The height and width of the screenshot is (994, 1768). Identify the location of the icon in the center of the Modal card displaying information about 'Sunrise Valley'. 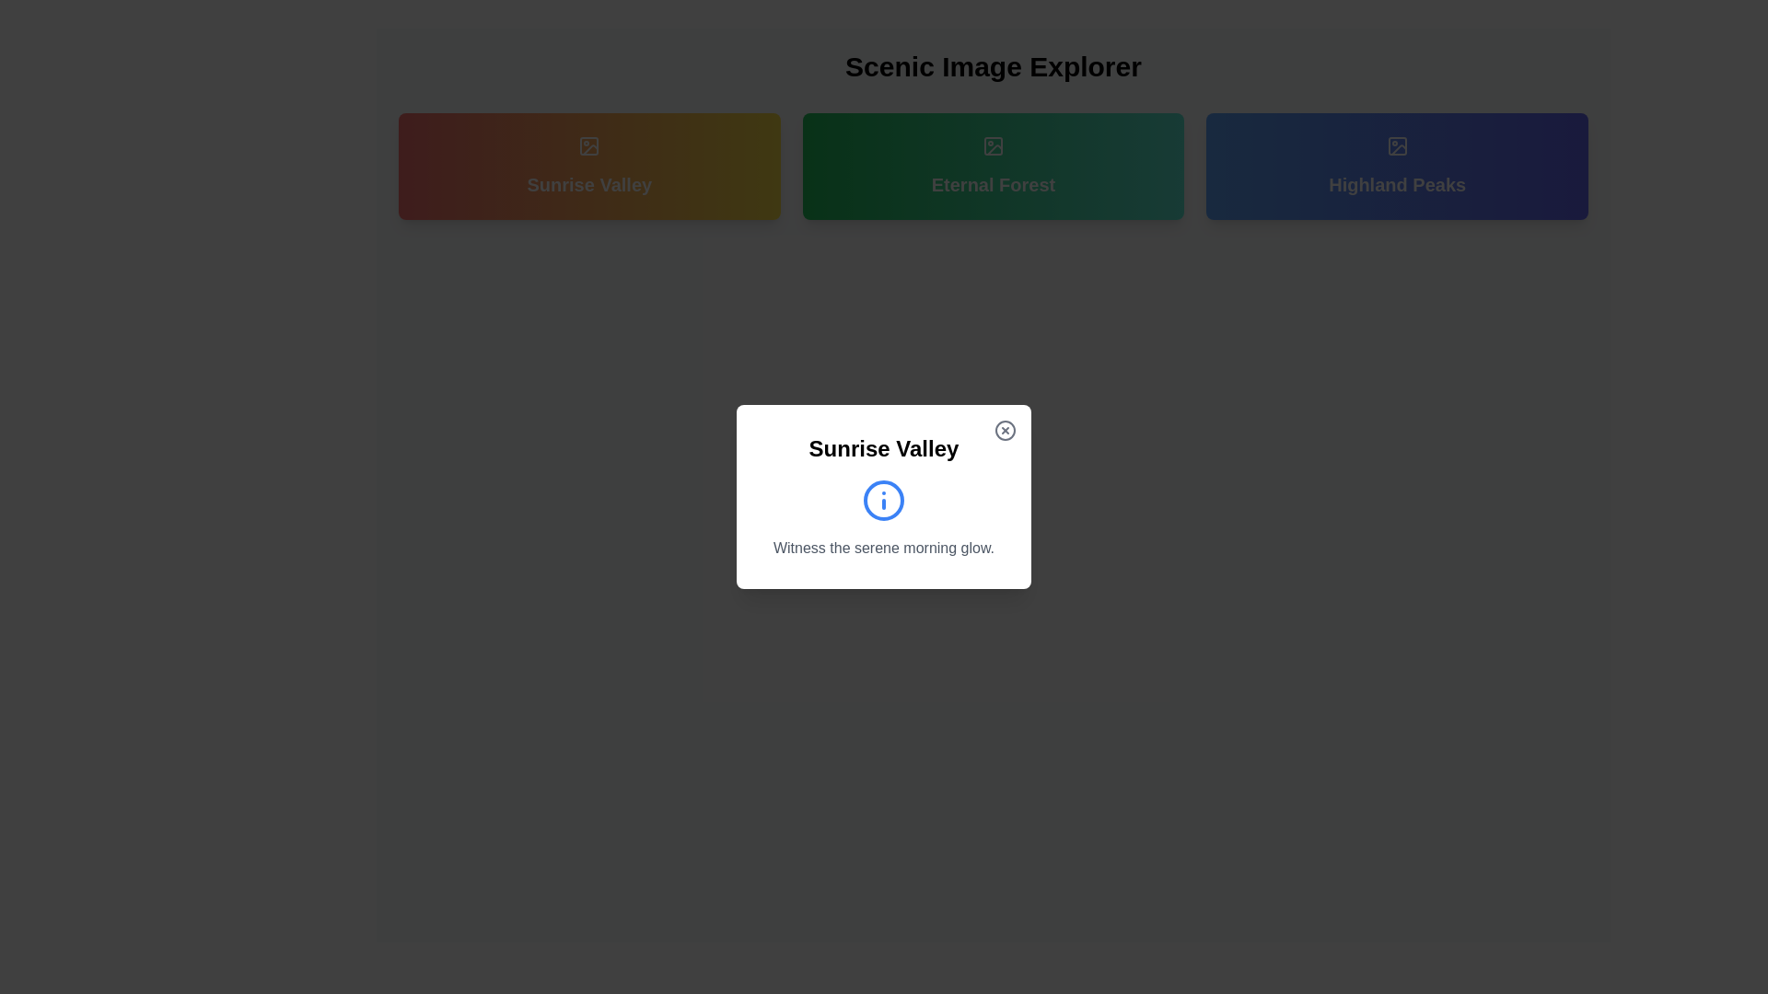
(884, 497).